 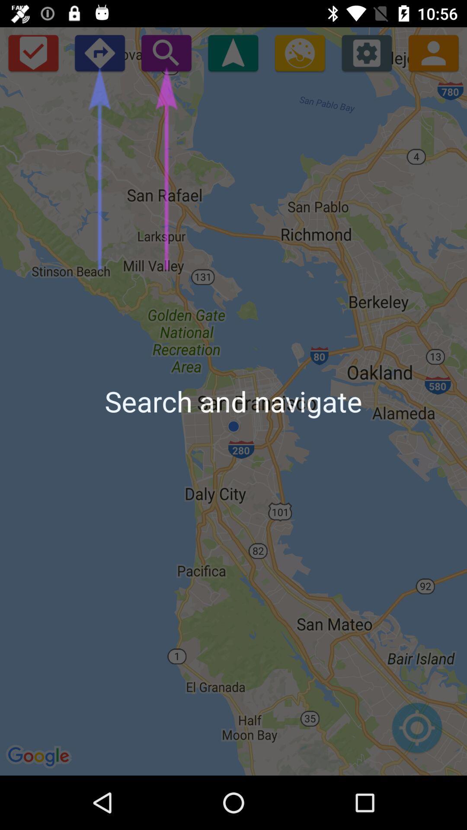 What do you see at coordinates (233, 52) in the screenshot?
I see `the navigation icon` at bounding box center [233, 52].